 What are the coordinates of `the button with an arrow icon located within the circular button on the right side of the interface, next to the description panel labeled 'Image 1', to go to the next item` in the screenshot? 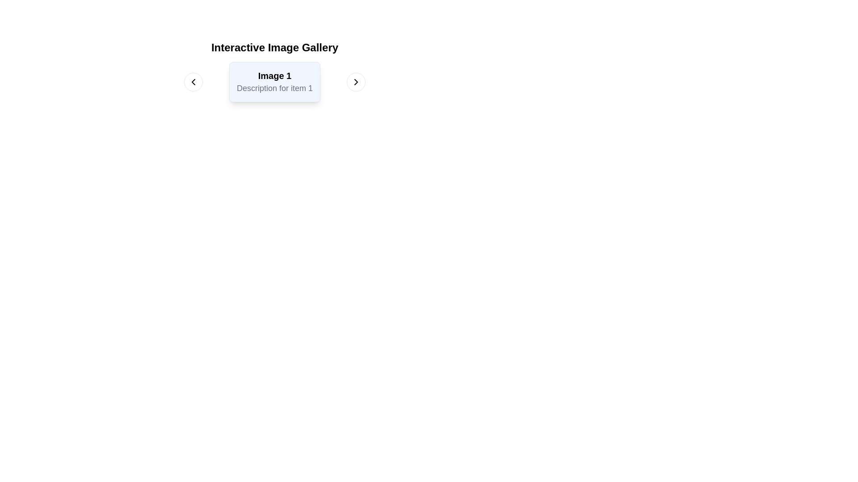 It's located at (355, 82).